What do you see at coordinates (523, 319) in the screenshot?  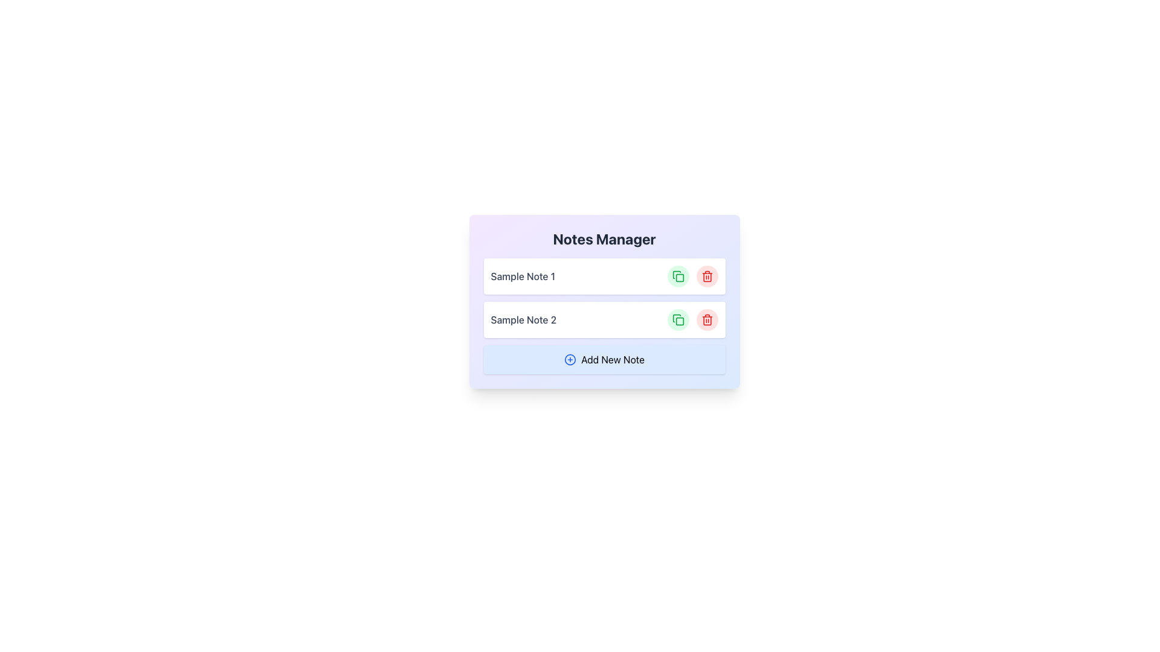 I see `the text label displaying 'Sample Note 2'` at bounding box center [523, 319].